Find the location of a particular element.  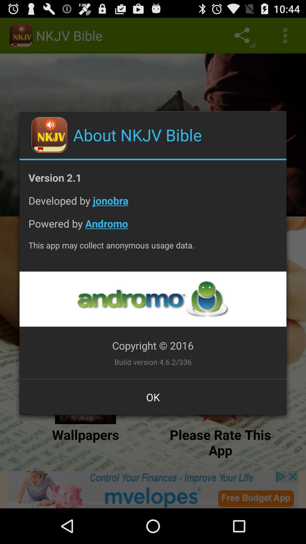

the powered by andromo icon is located at coordinates (153, 228).